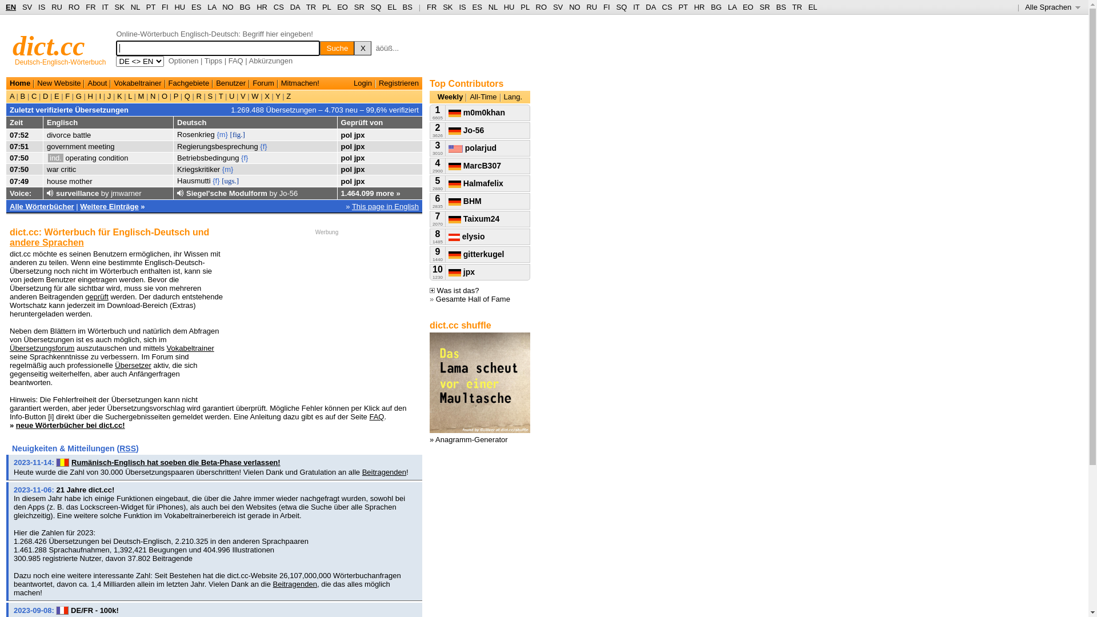  Describe the element at coordinates (227, 193) in the screenshot. I see `'Siegel'sche Modulform'` at that location.